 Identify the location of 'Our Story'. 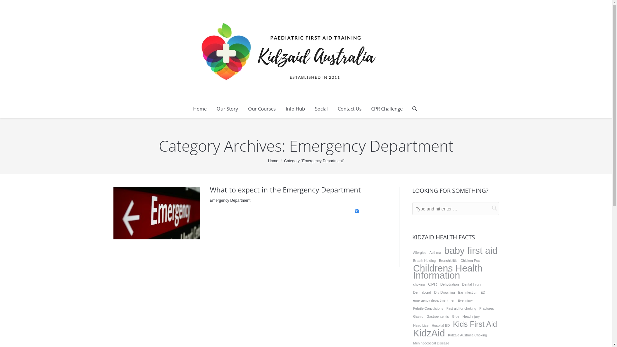
(227, 109).